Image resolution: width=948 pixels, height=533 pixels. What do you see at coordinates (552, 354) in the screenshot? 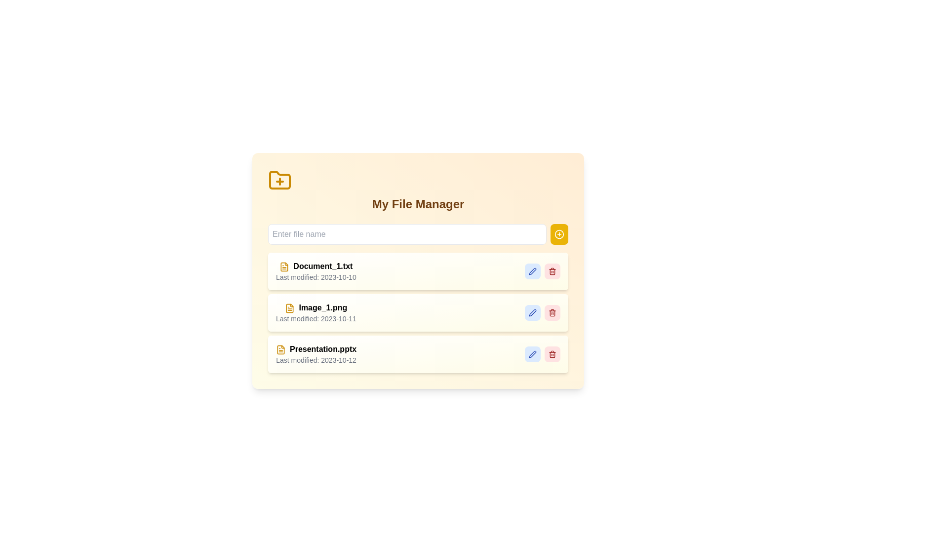
I see `the main body of the trash bin icon, which visually represents a deletion action related to a file entry` at bounding box center [552, 354].